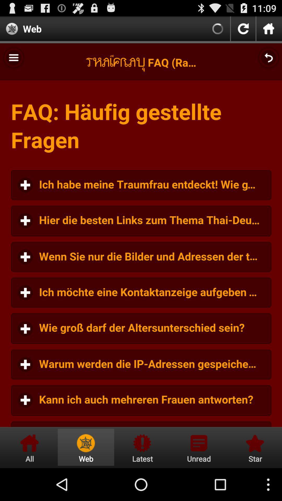 This screenshot has width=282, height=501. What do you see at coordinates (30, 447) in the screenshot?
I see `return to home page` at bounding box center [30, 447].